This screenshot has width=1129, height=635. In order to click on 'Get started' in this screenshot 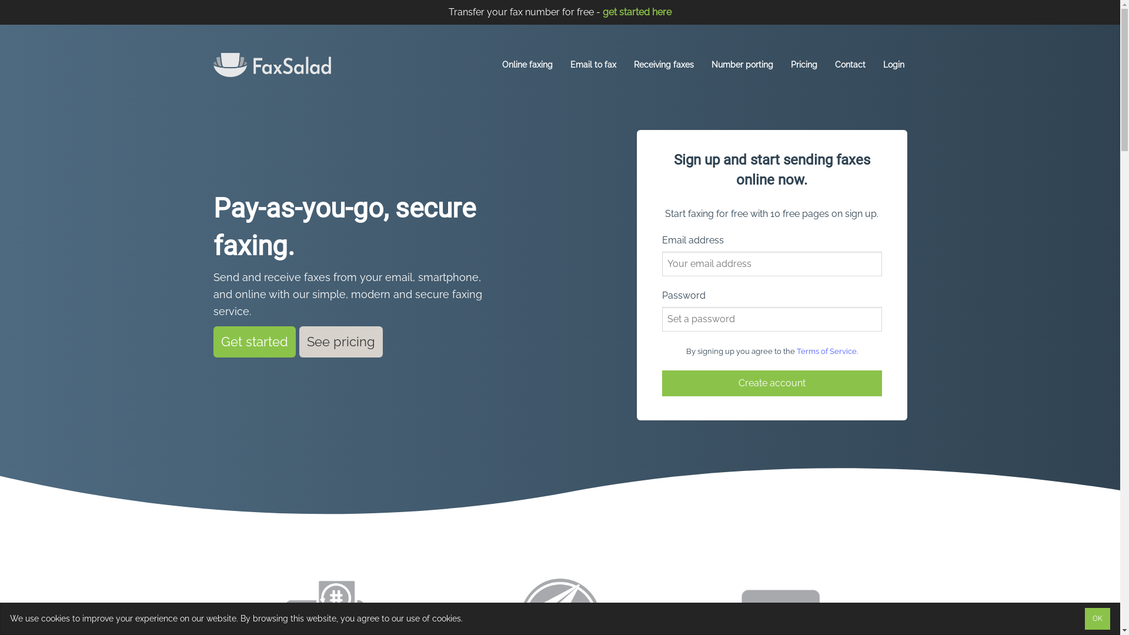, I will do `click(212, 342)`.